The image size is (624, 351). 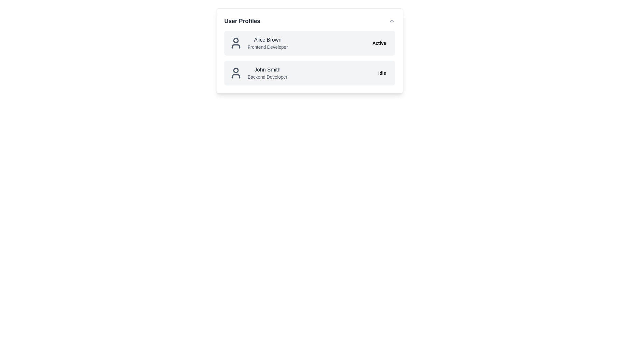 What do you see at coordinates (267, 70) in the screenshot?
I see `the text element displaying the name 'John Smith', located on the second row of the user profiles section, directly below 'Alice Brown' and aligned with the avatar icon on its left` at bounding box center [267, 70].